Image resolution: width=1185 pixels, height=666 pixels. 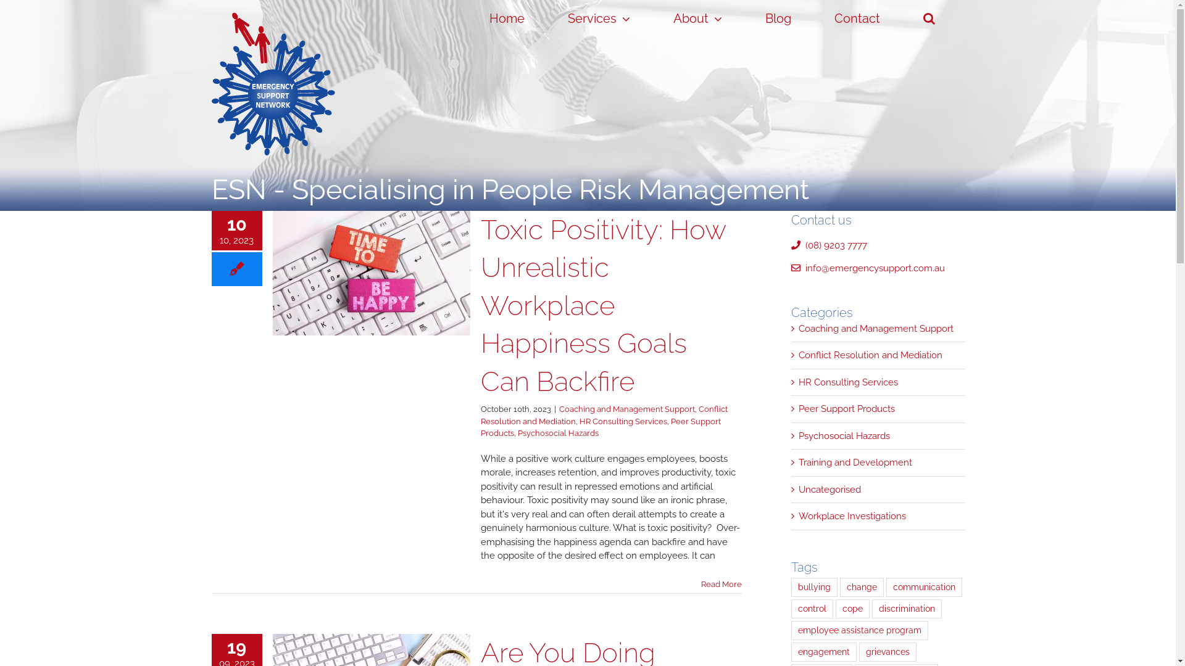 What do you see at coordinates (878, 409) in the screenshot?
I see `'Peer Support Products'` at bounding box center [878, 409].